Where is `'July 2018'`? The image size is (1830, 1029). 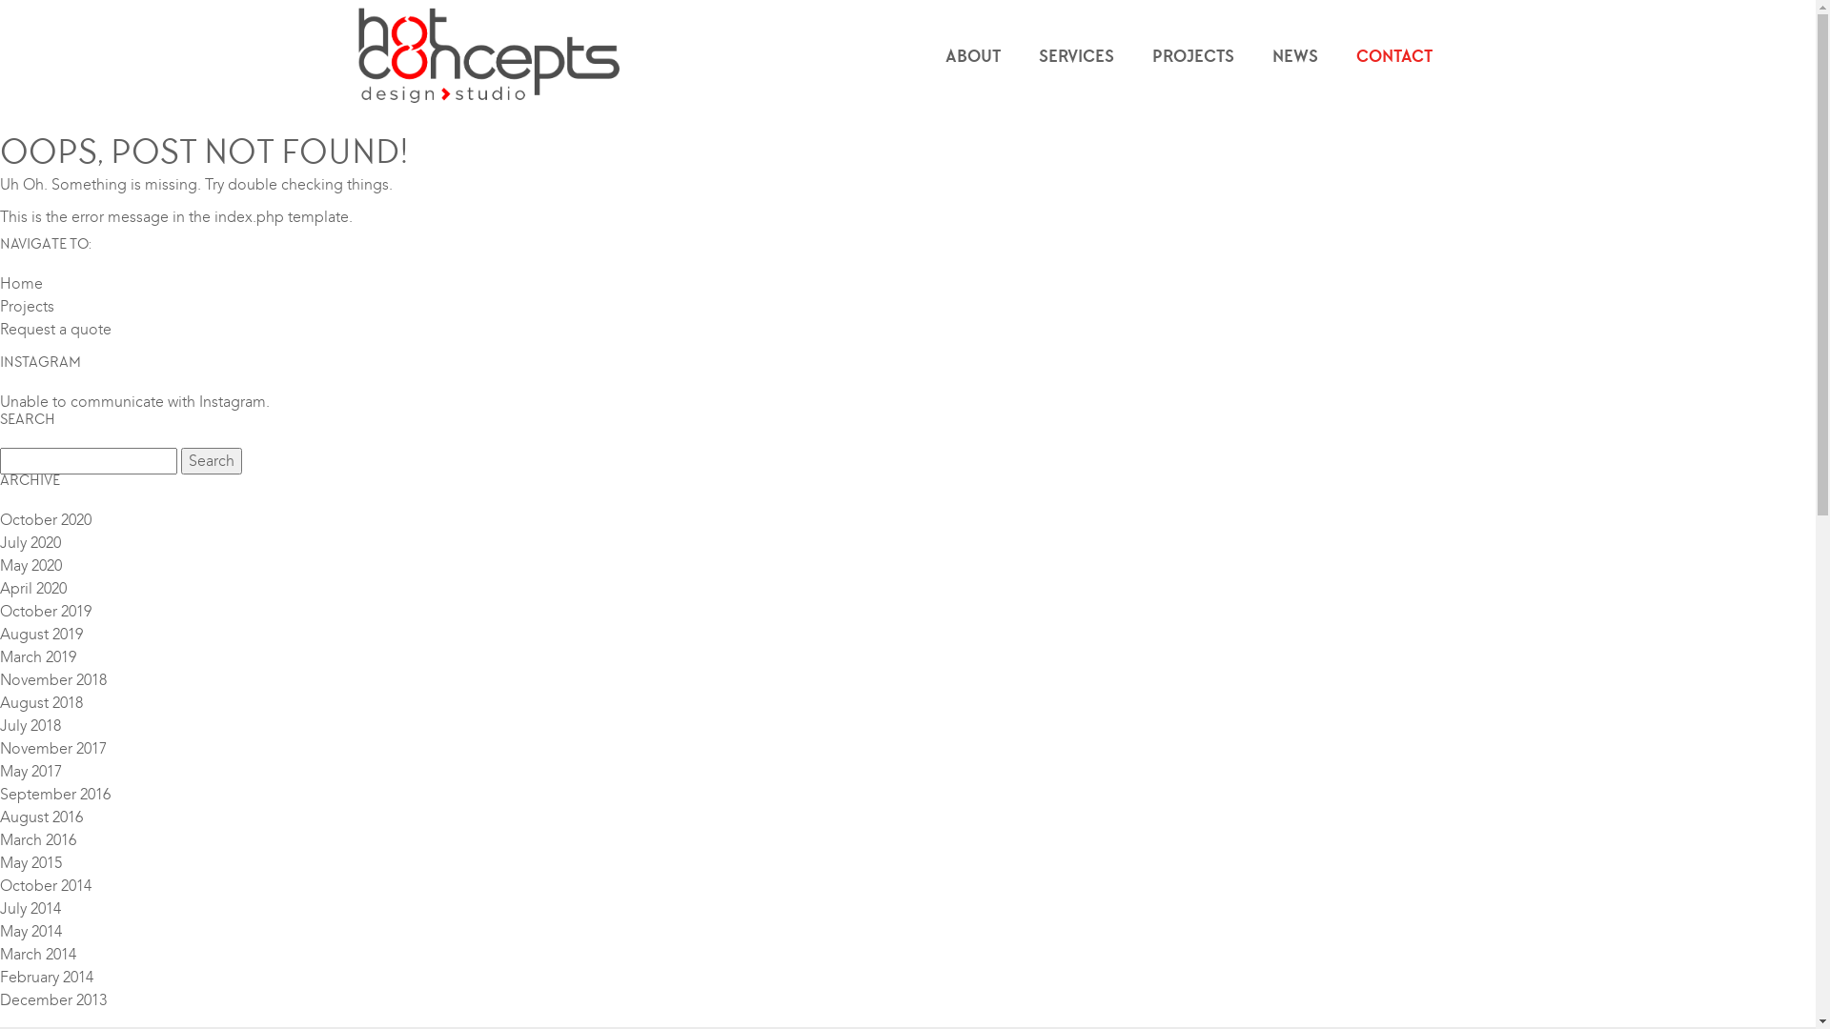
'July 2018' is located at coordinates (30, 726).